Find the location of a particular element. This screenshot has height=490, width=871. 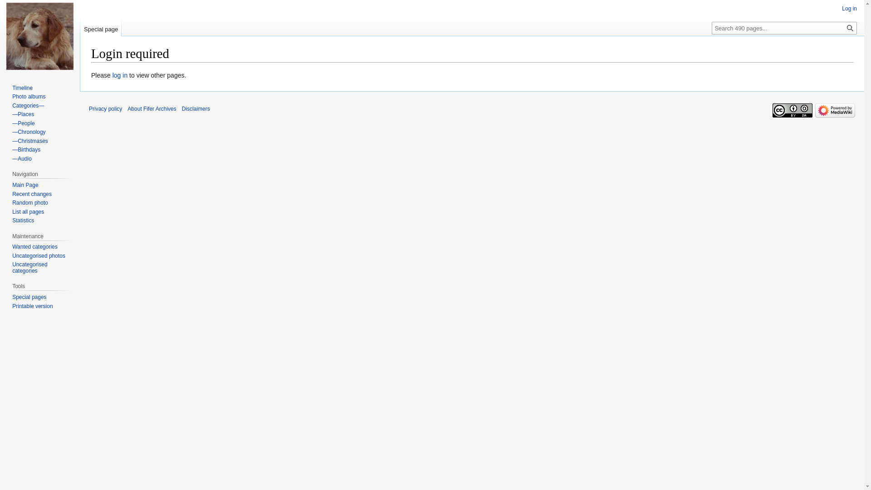

'Uncategorised categories' is located at coordinates (29, 267).